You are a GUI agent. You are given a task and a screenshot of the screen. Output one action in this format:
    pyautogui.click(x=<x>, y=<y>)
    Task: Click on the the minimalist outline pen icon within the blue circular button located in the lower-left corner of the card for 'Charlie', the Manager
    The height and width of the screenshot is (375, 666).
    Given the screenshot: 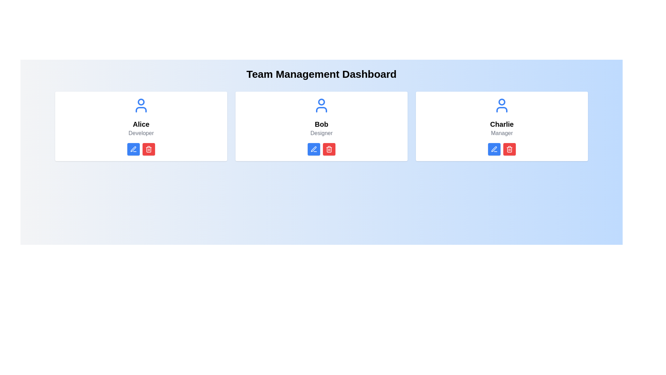 What is the action you would take?
    pyautogui.click(x=494, y=149)
    